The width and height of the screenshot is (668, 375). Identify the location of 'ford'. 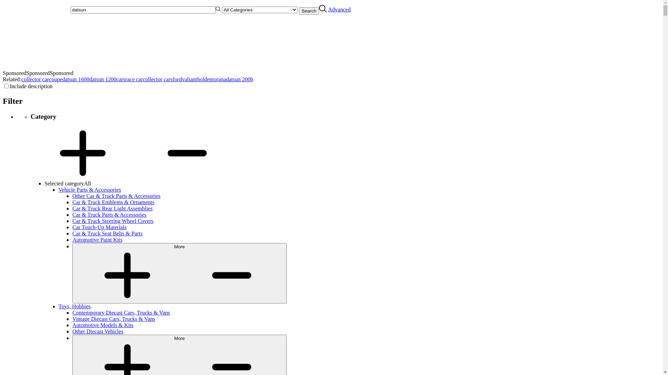
(177, 79).